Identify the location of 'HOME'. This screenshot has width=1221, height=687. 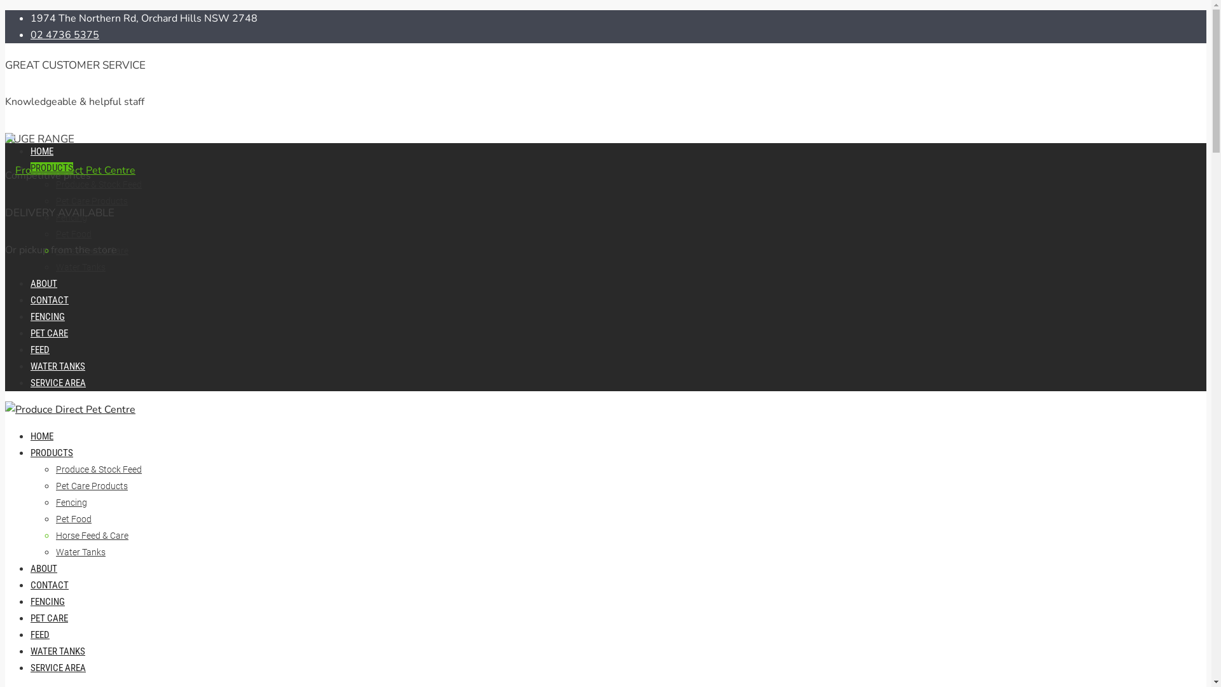
(42, 436).